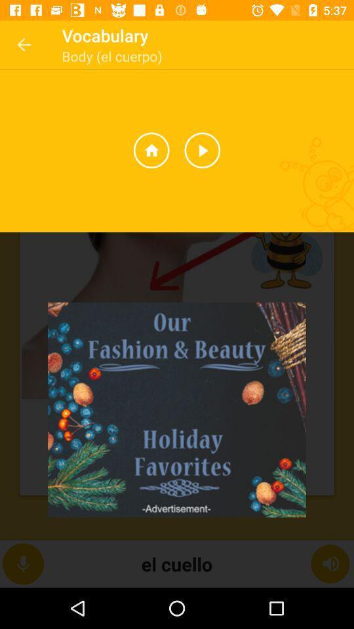 Image resolution: width=354 pixels, height=629 pixels. Describe the element at coordinates (151, 150) in the screenshot. I see `the home icon` at that location.